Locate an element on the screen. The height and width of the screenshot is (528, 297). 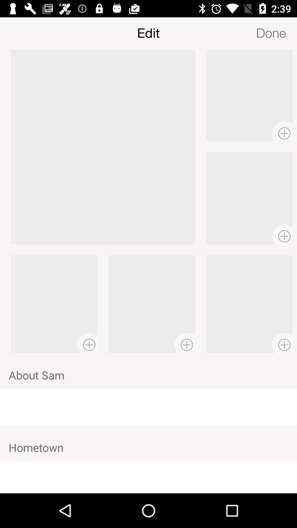
the add icon is located at coordinates (282, 131).